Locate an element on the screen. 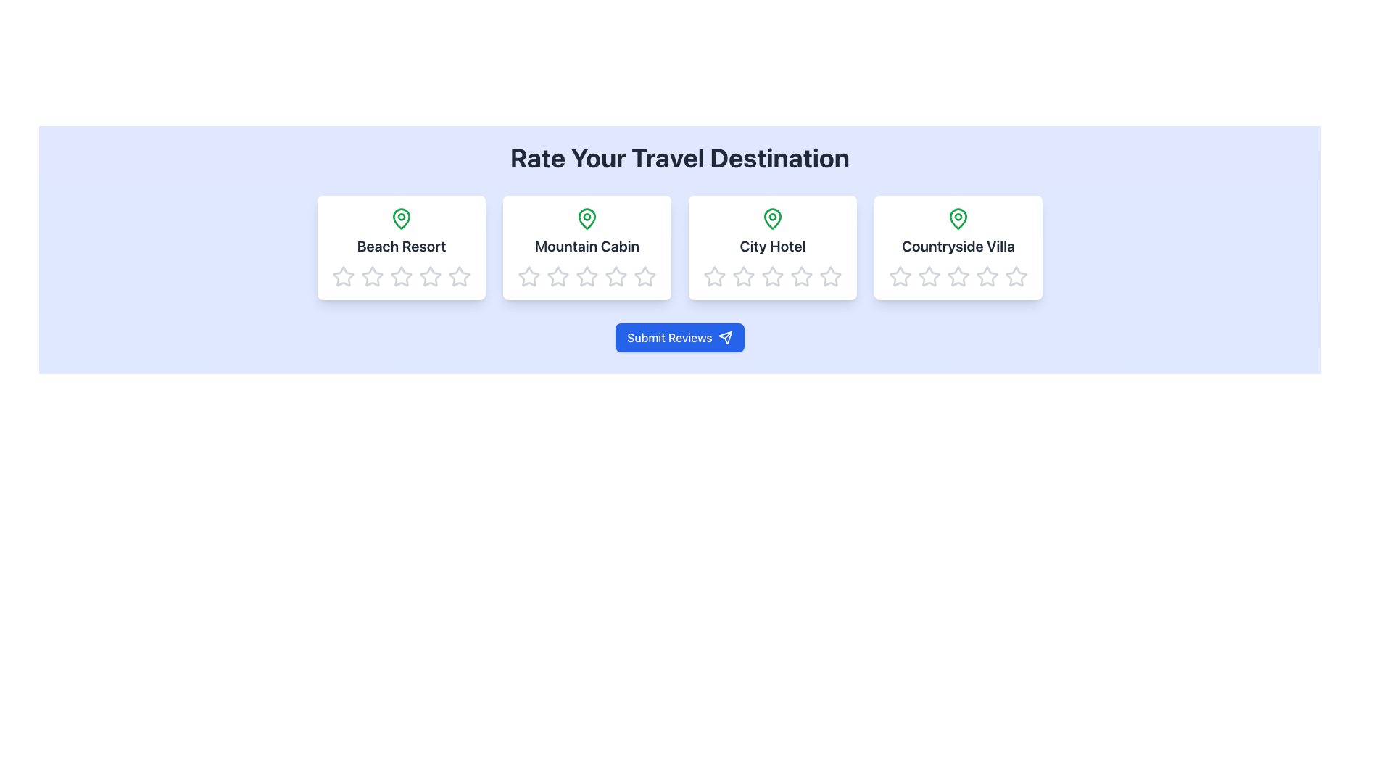 This screenshot has width=1392, height=783. 'Submit Reviews' button icon located at the far right end of the button for additional information is located at coordinates (725, 338).